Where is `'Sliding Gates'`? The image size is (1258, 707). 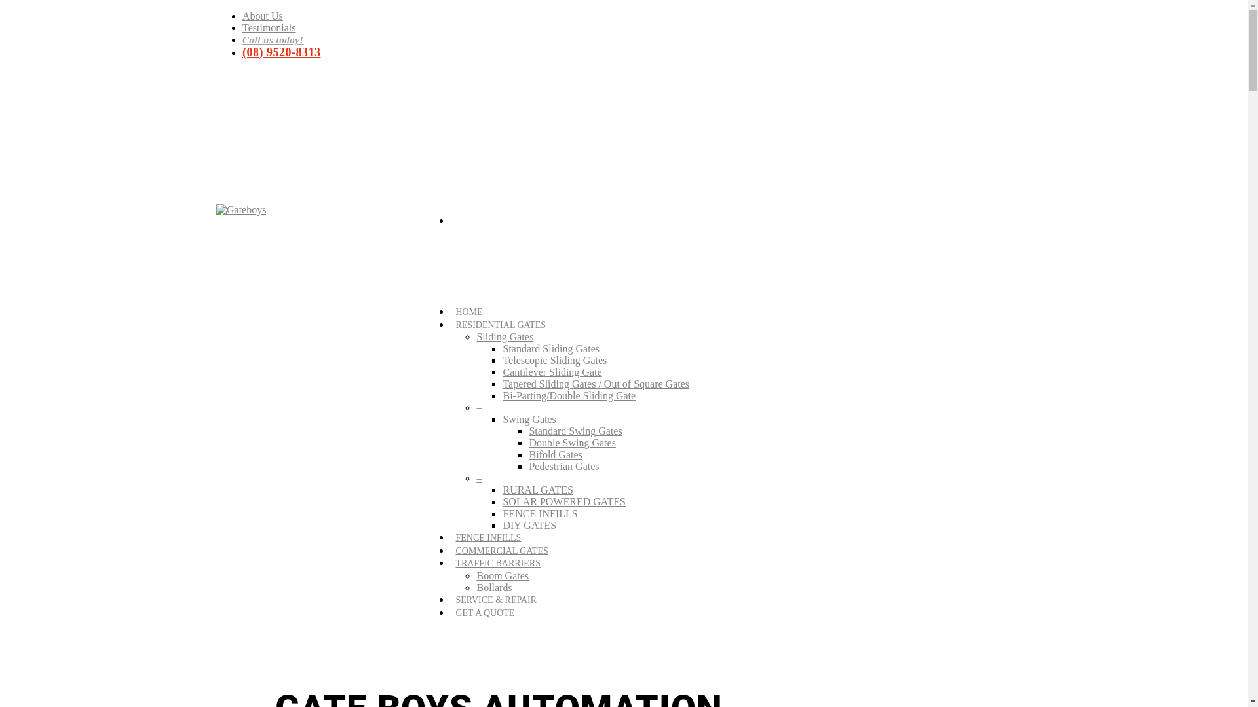
'Sliding Gates' is located at coordinates (504, 336).